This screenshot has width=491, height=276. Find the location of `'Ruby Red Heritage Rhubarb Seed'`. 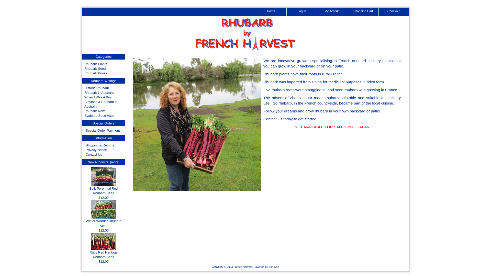

'Ruby Red Heritage Rhubarb Seed' is located at coordinates (103, 253).